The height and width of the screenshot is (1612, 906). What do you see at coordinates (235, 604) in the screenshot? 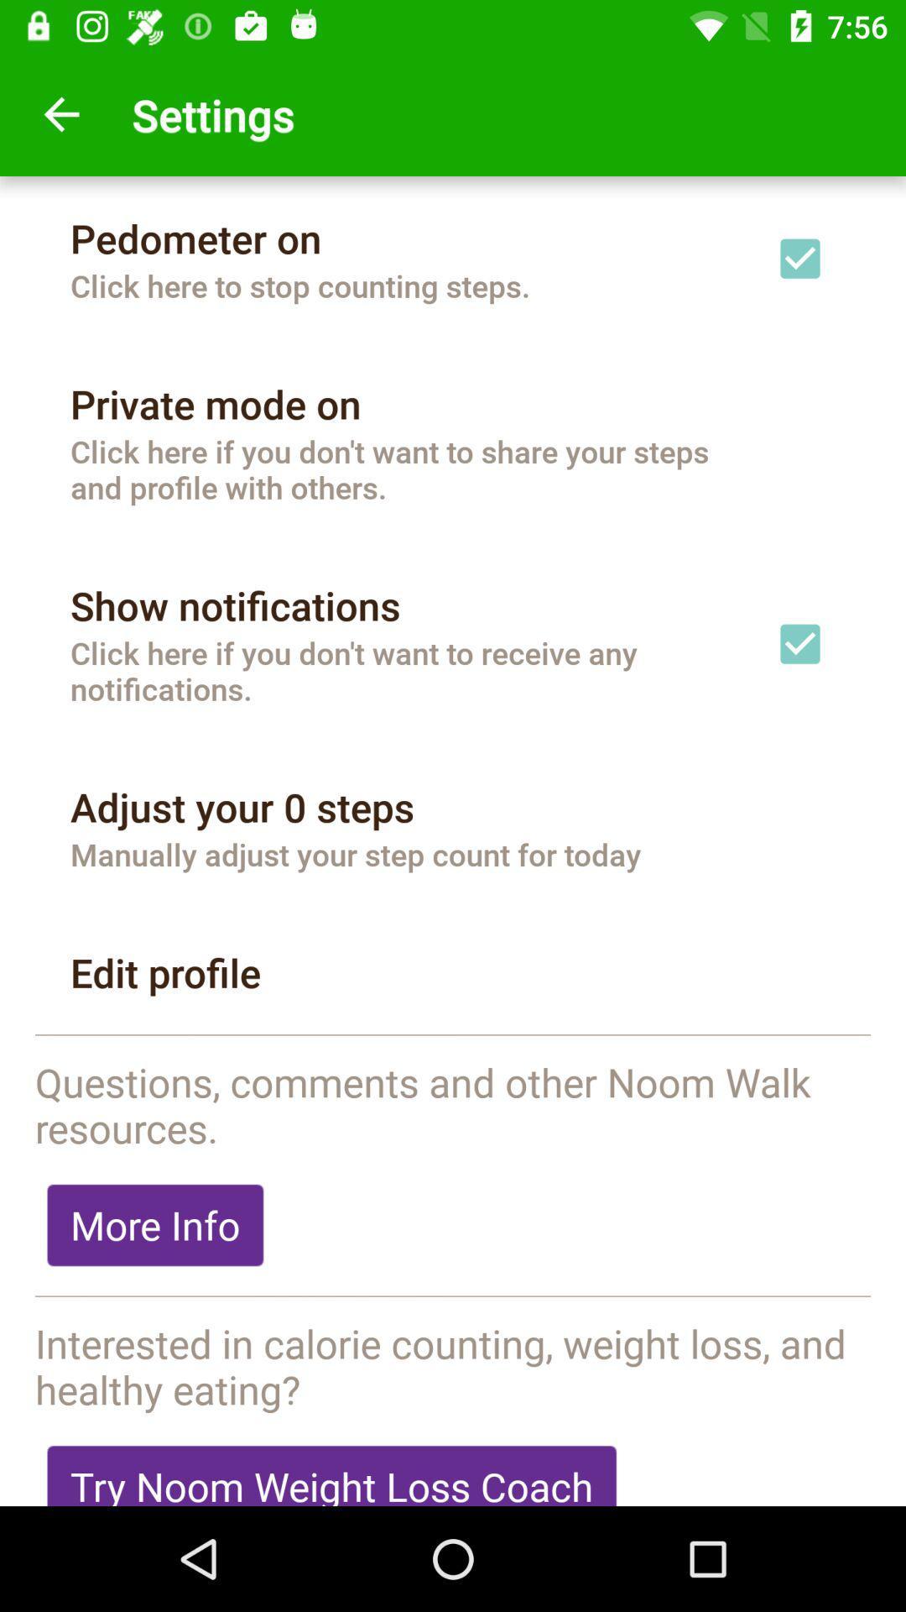
I see `icon above the click here if` at bounding box center [235, 604].